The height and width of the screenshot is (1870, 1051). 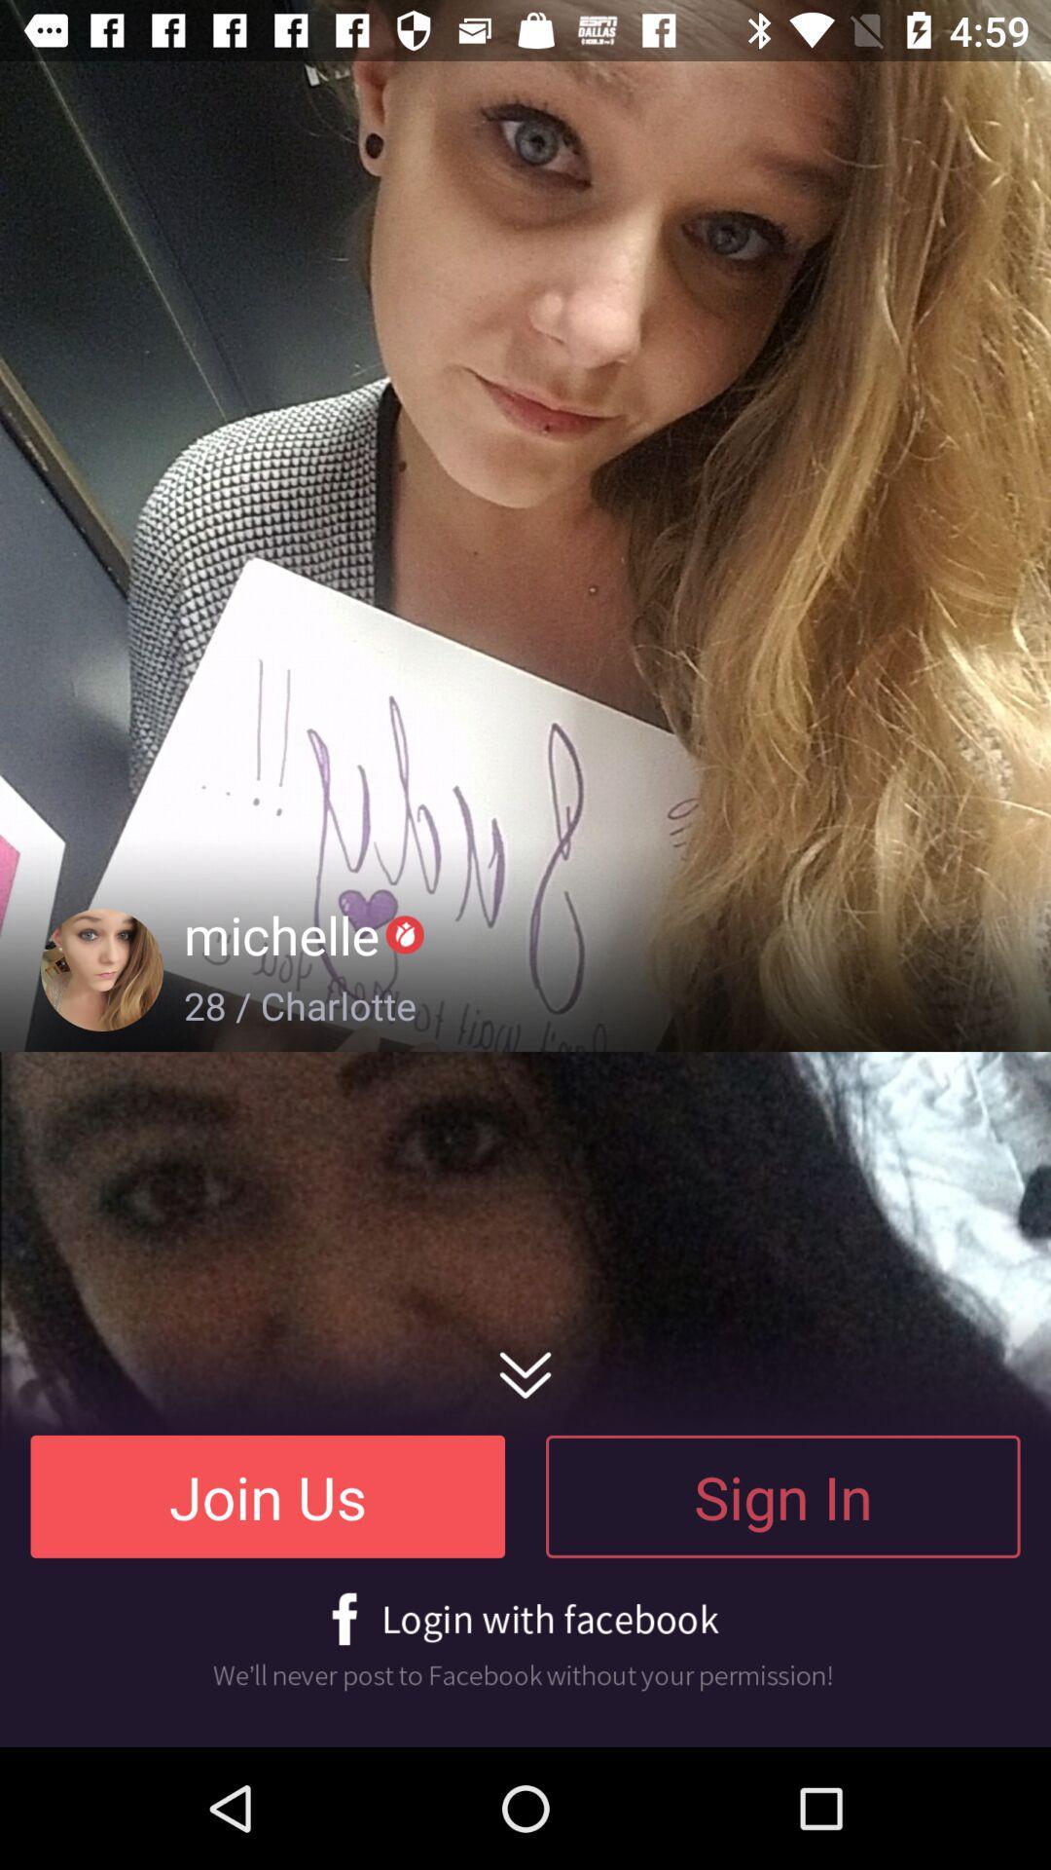 What do you see at coordinates (525, 1641) in the screenshot?
I see `login facebook` at bounding box center [525, 1641].